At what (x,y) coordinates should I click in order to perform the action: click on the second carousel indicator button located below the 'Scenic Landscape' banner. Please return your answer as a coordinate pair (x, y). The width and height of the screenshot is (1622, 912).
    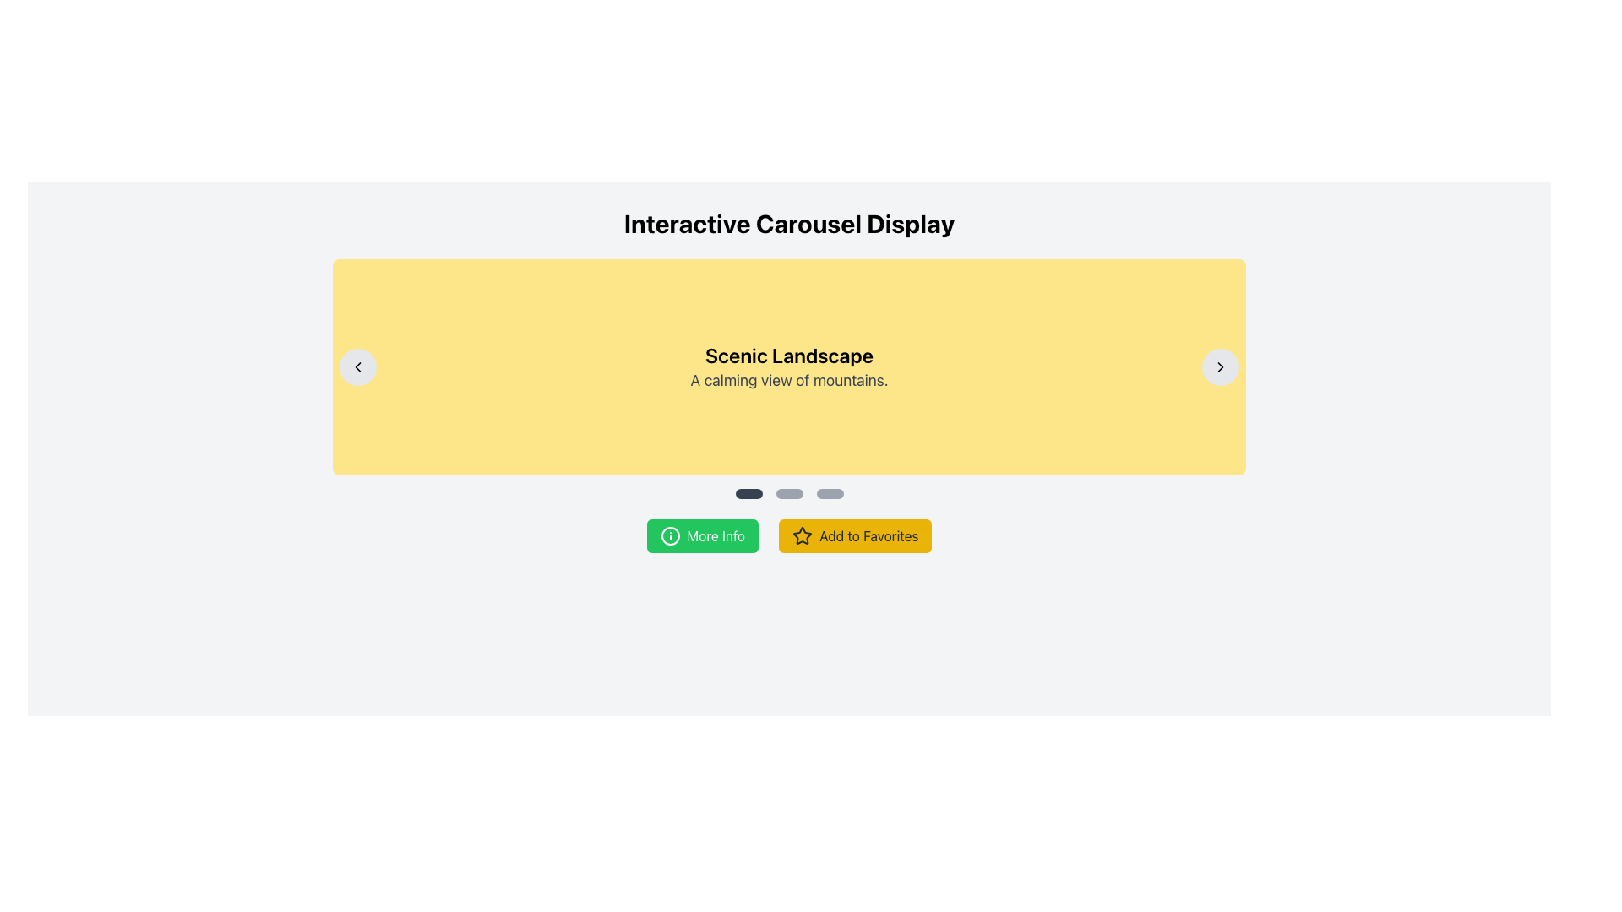
    Looking at the image, I should click on (788, 494).